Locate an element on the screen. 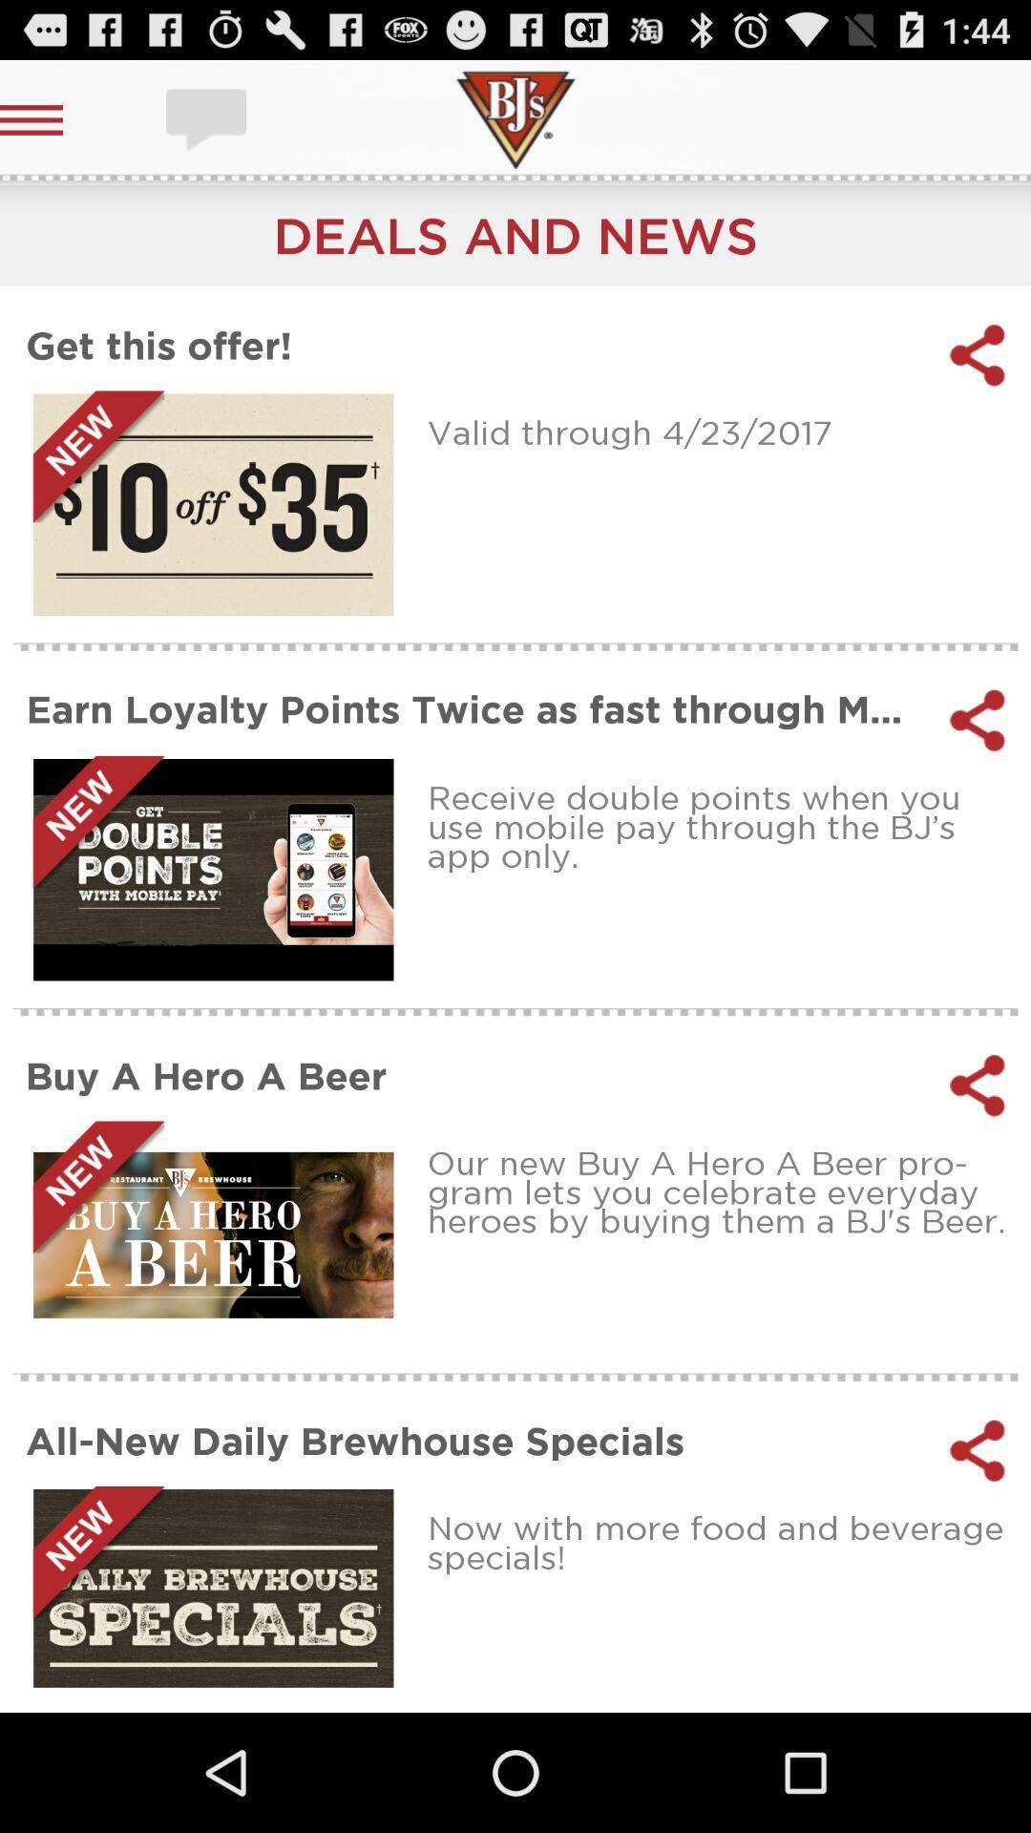 Image resolution: width=1031 pixels, height=1833 pixels. receive double points app is located at coordinates (723, 827).